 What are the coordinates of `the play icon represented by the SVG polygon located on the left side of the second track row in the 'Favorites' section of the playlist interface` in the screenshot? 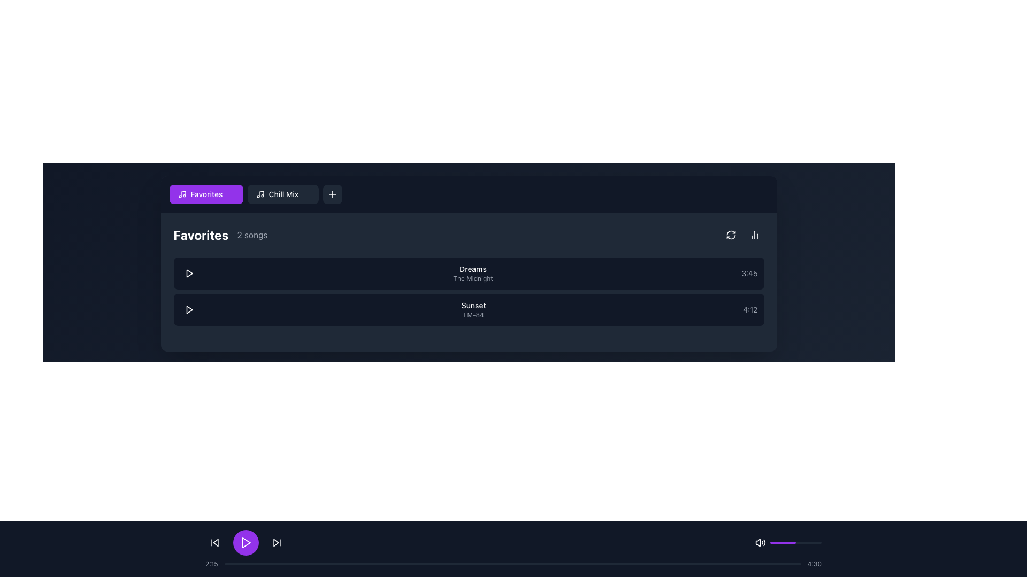 It's located at (189, 309).